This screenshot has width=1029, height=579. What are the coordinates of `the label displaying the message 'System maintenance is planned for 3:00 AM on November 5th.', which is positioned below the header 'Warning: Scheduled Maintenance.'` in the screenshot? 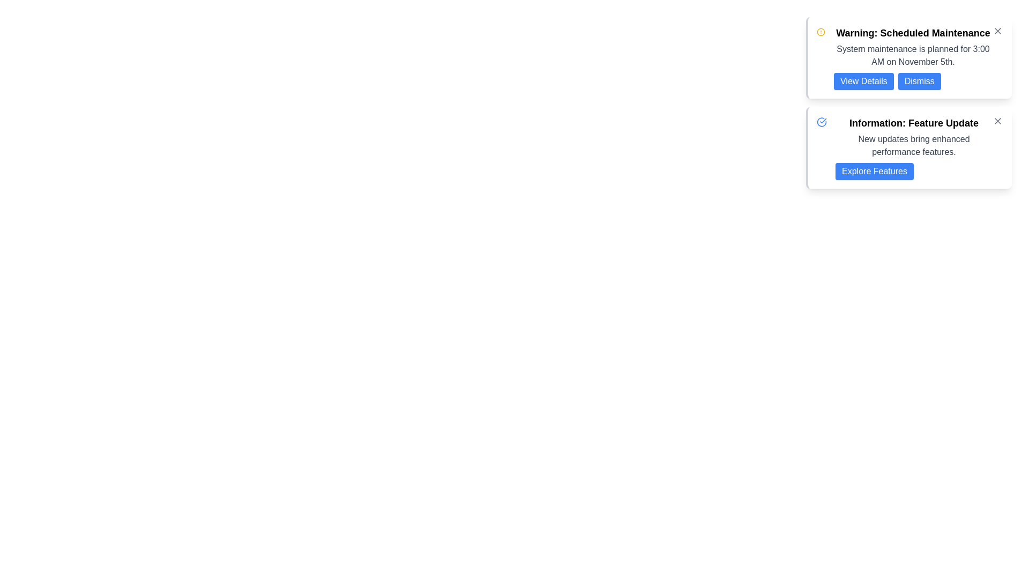 It's located at (913, 56).